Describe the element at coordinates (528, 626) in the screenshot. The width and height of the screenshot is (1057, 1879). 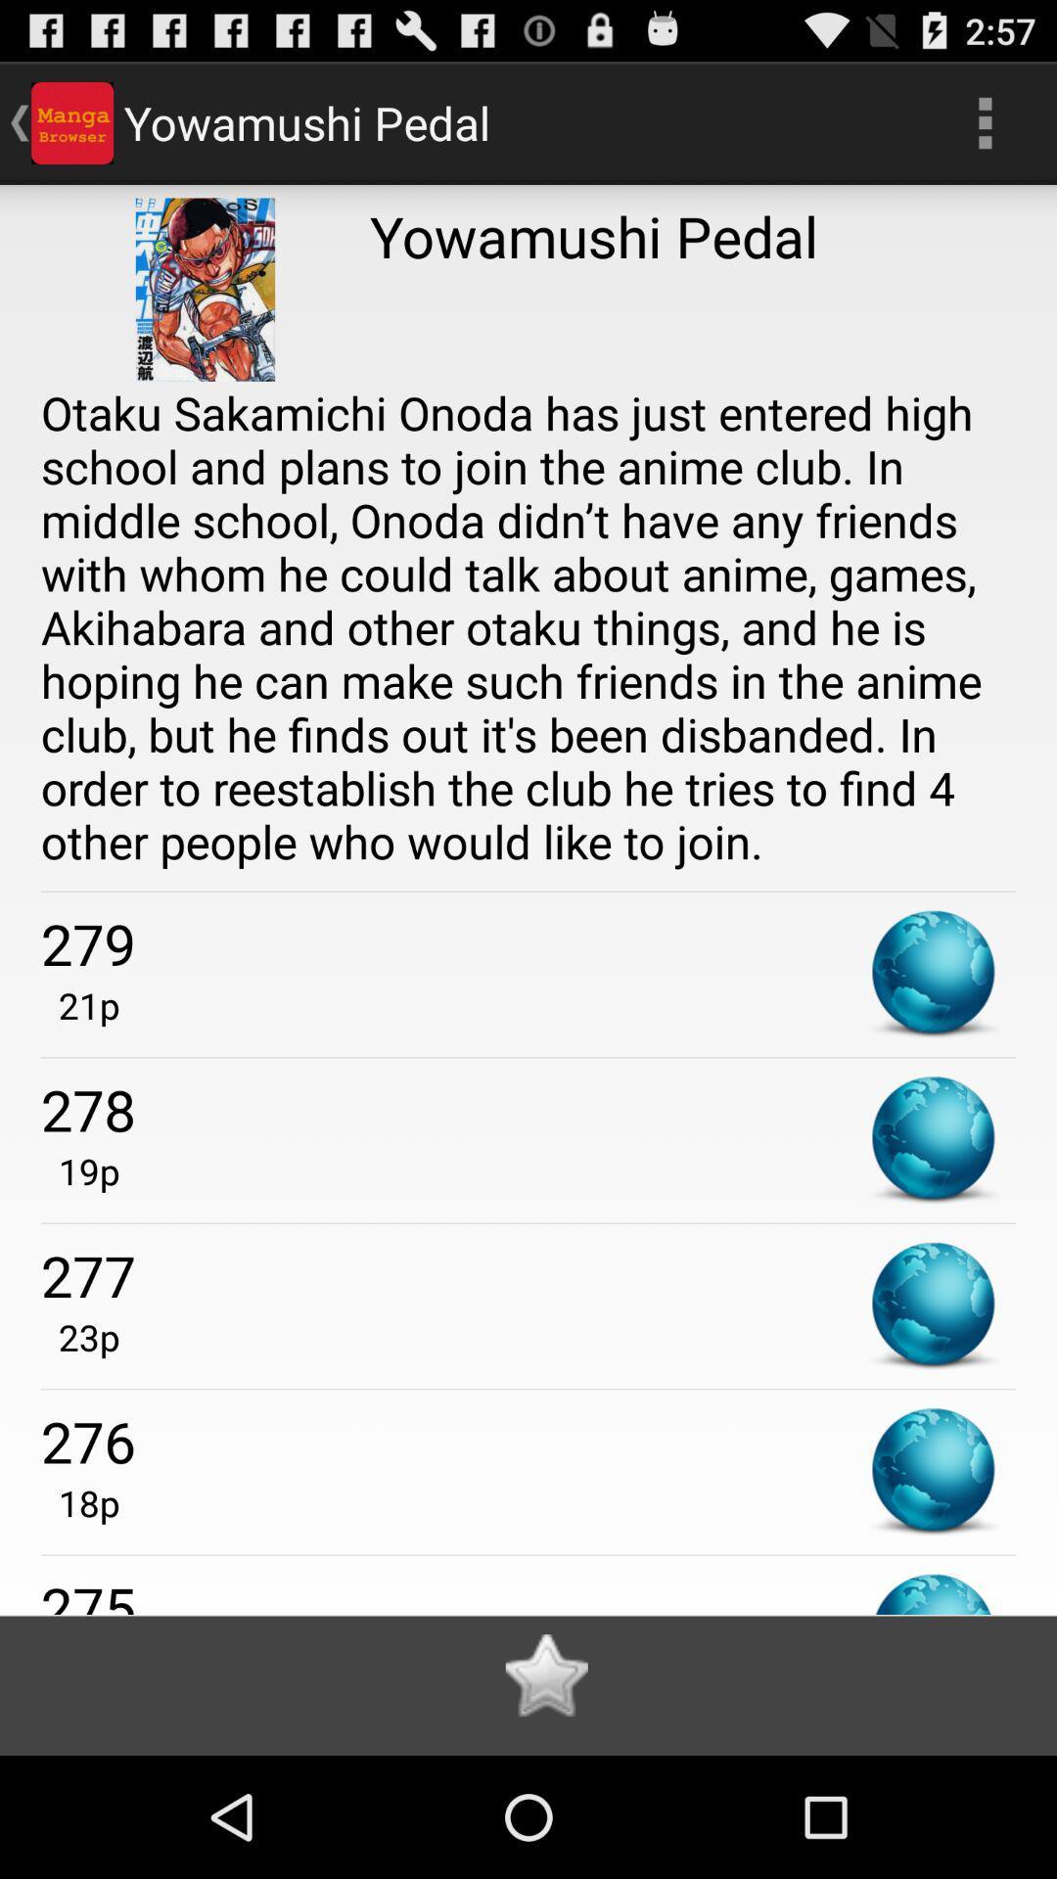
I see `otaku sakamichi onoda item` at that location.